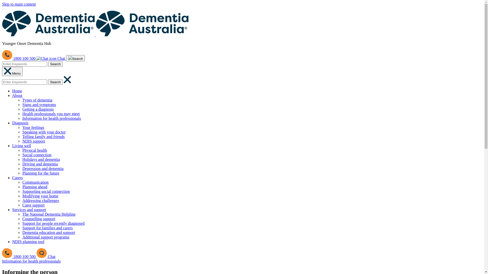  What do you see at coordinates (22, 164) in the screenshot?
I see `'Driving and dementia'` at bounding box center [22, 164].